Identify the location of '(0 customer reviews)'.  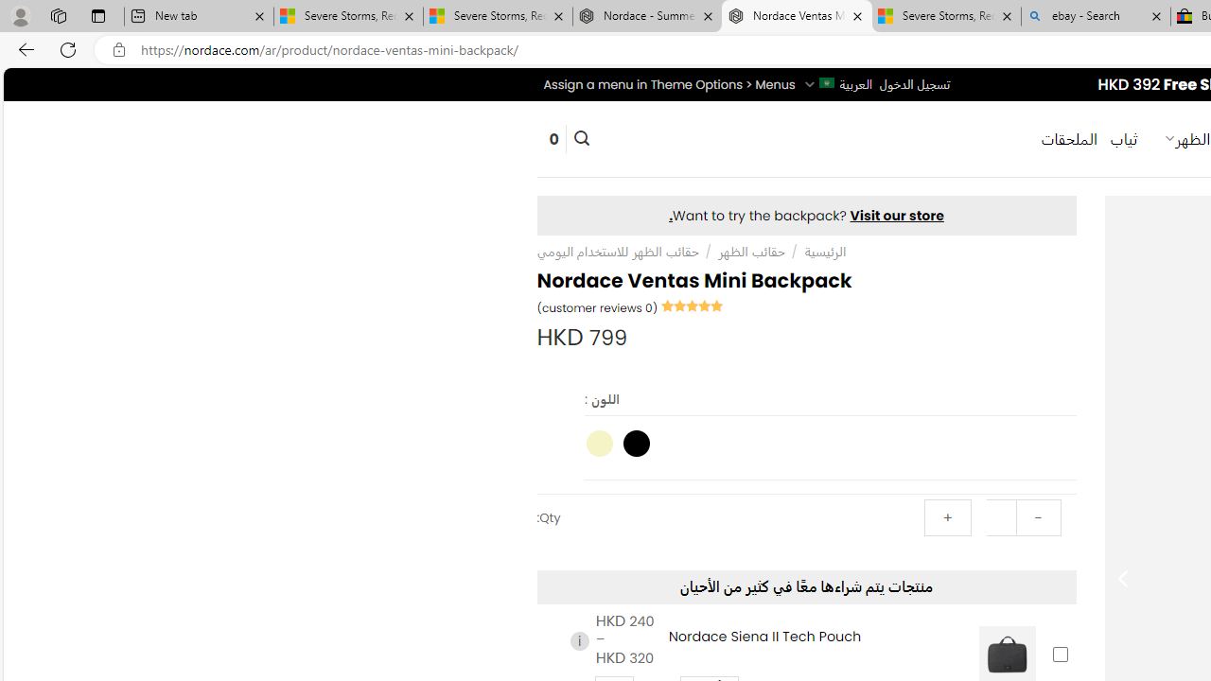
(596, 306).